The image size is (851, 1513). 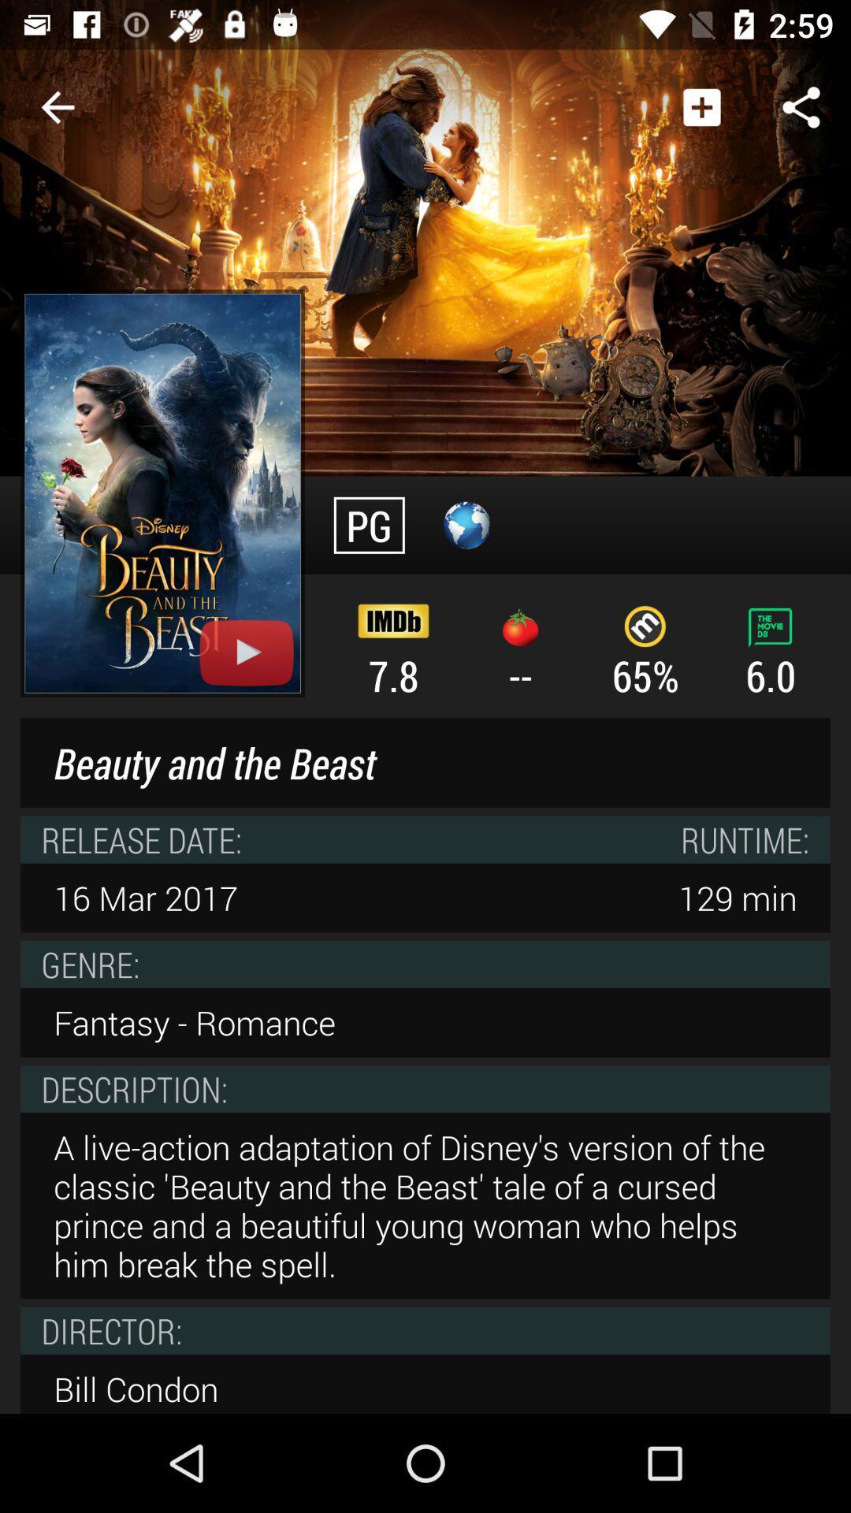 I want to click on the play icon, so click(x=247, y=652).